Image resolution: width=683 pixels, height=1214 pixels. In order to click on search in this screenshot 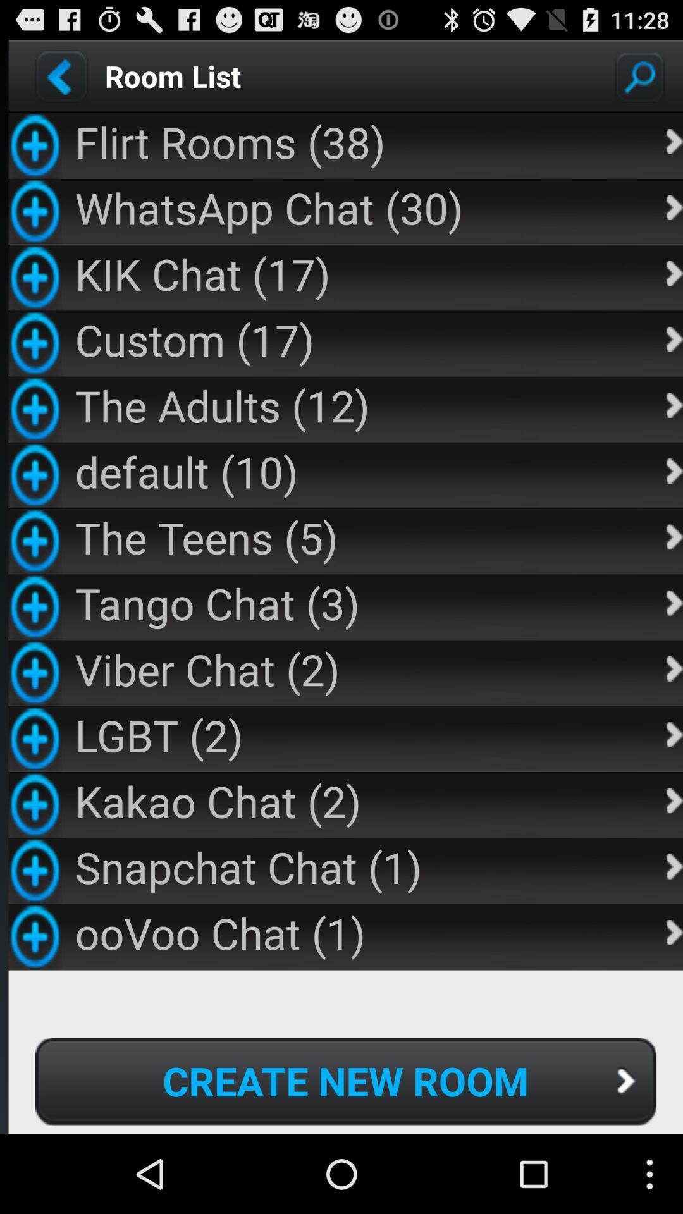, I will do `click(639, 75)`.